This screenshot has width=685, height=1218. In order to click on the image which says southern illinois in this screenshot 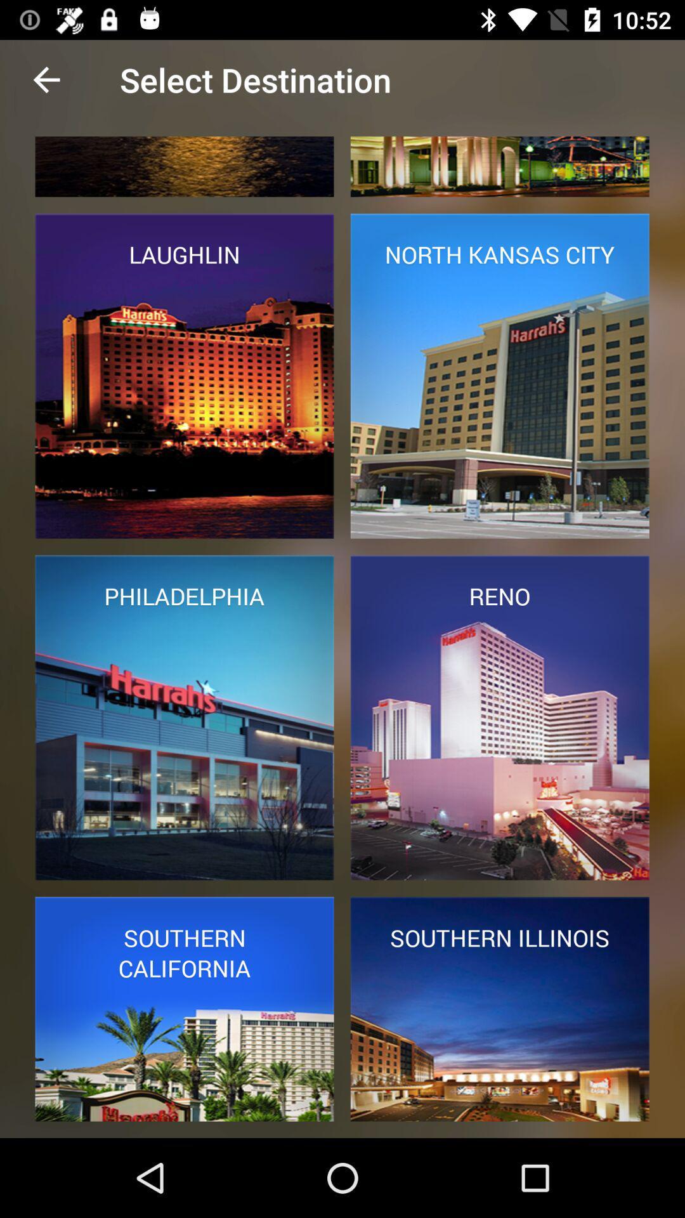, I will do `click(499, 1008)`.